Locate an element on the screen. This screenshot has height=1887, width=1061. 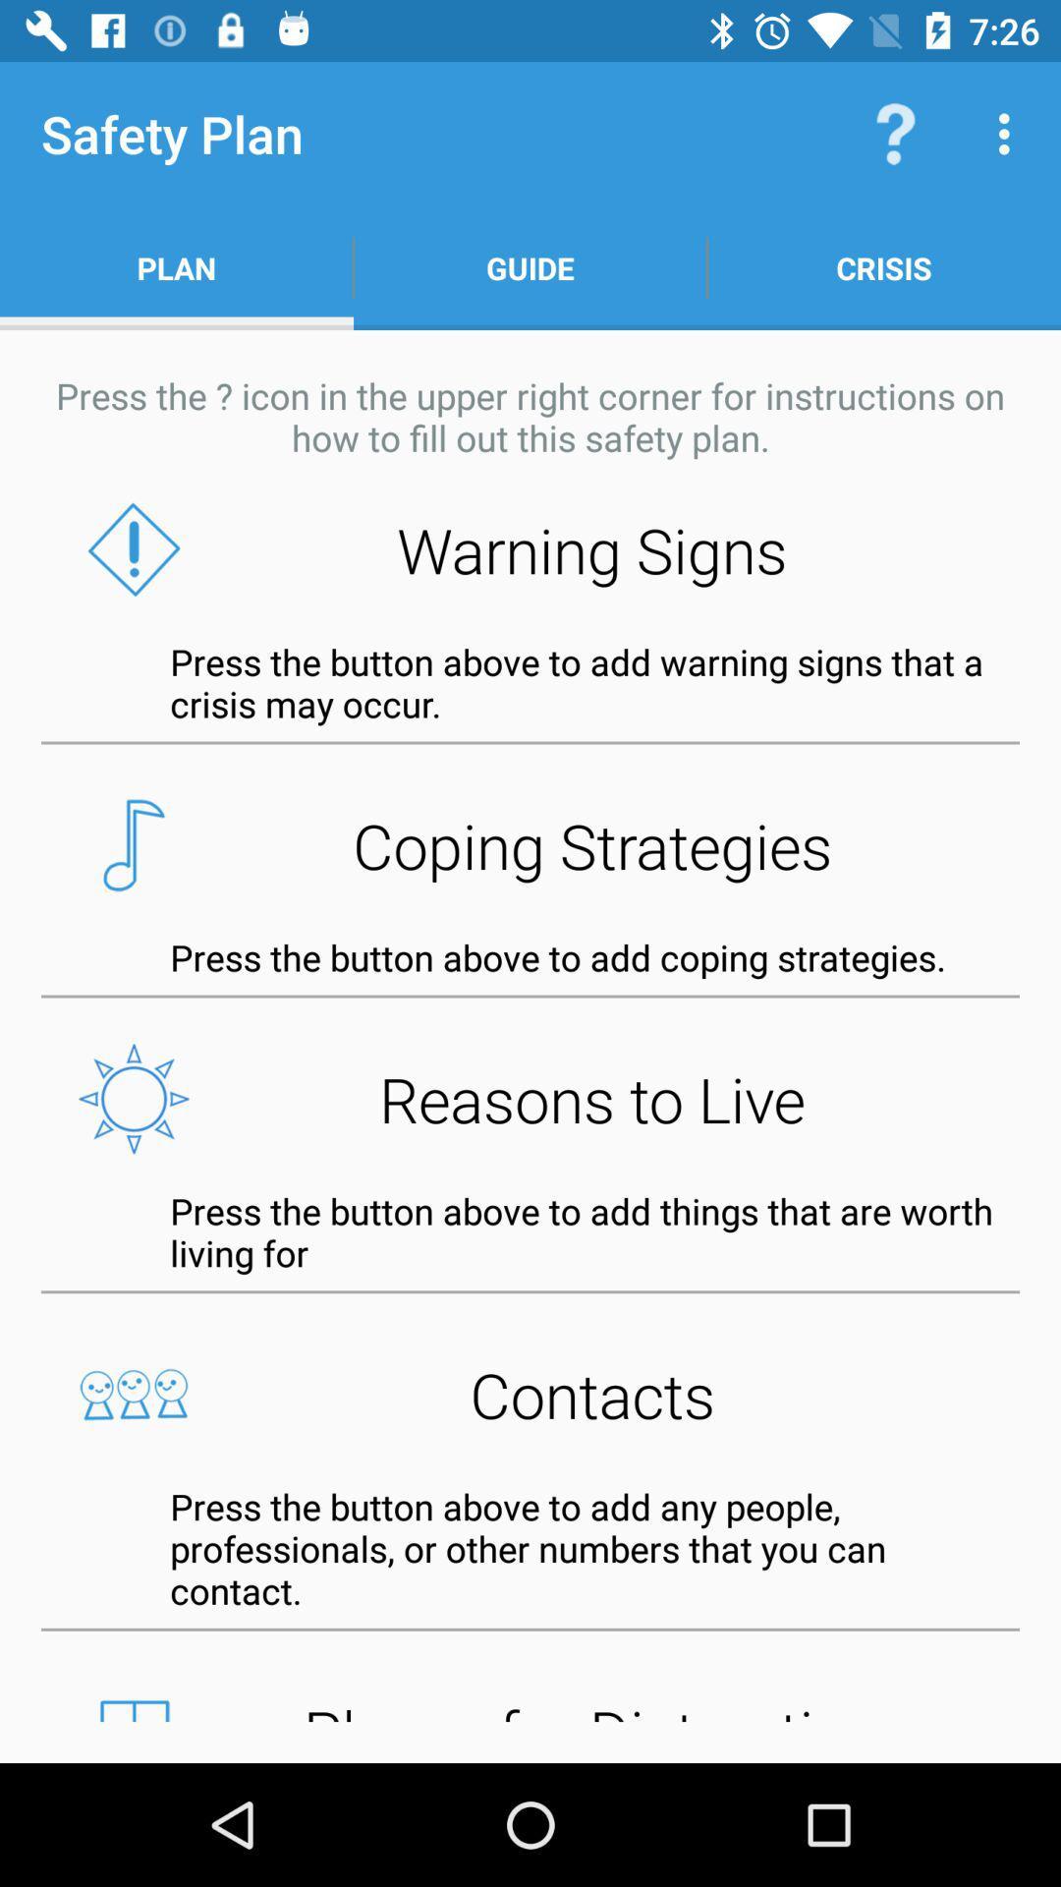
the reasons to live button is located at coordinates (530, 1098).